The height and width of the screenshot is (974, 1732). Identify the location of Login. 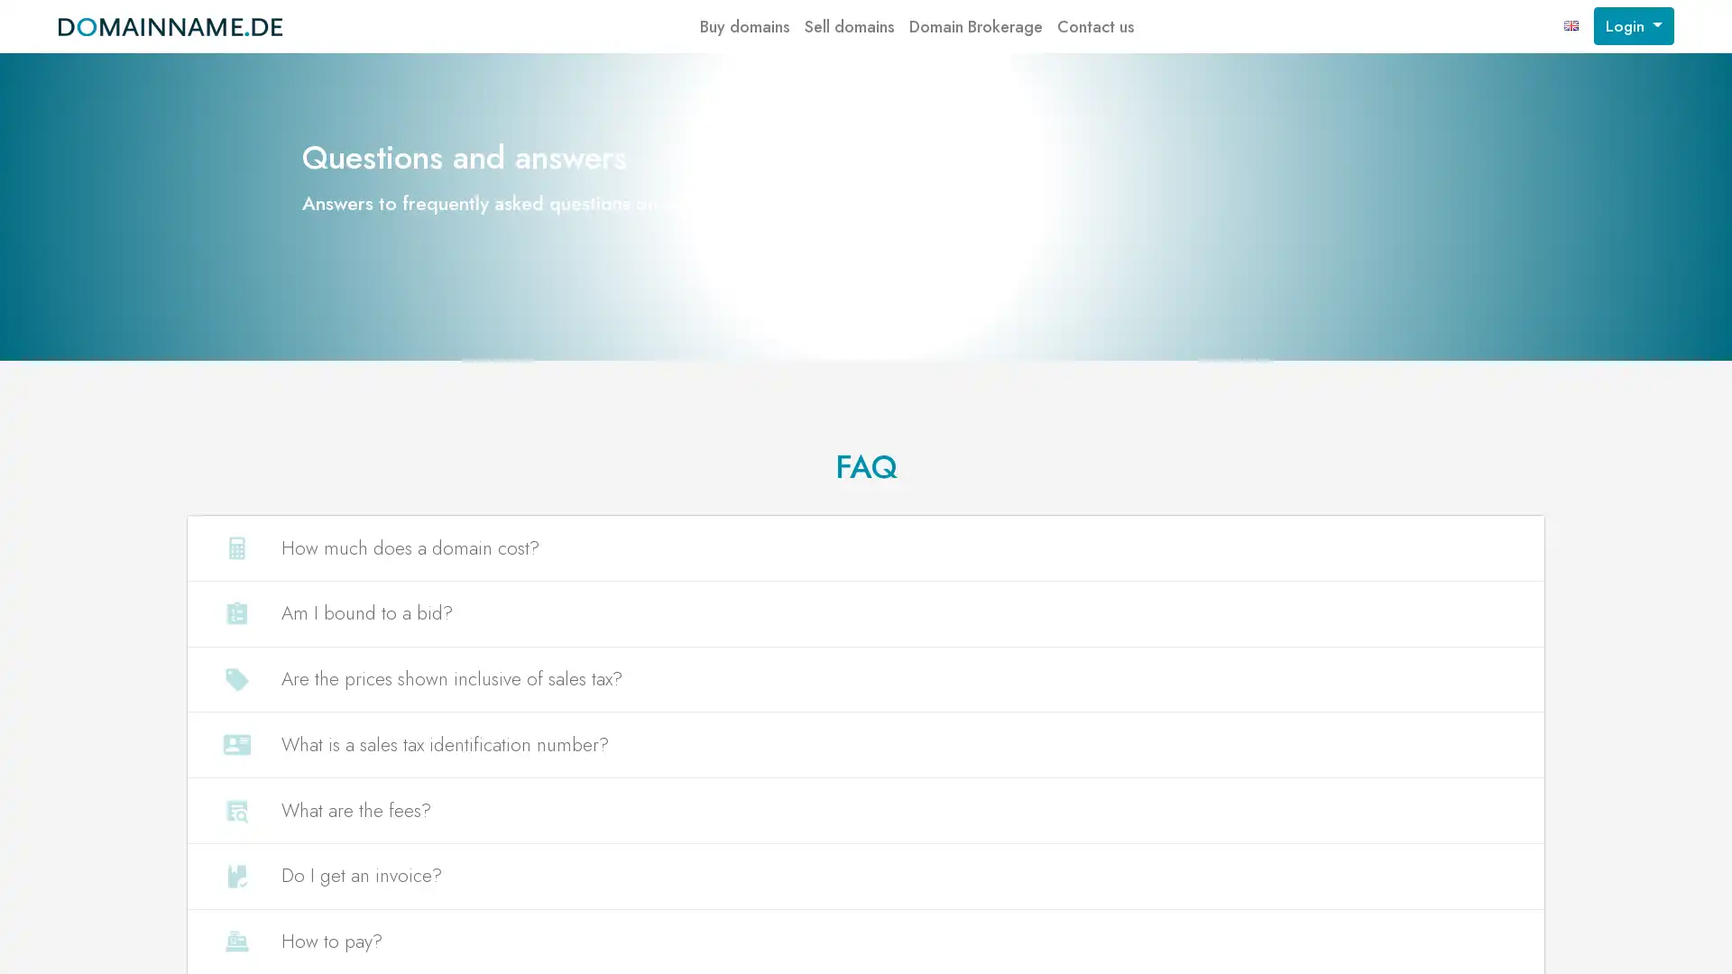
(1633, 26).